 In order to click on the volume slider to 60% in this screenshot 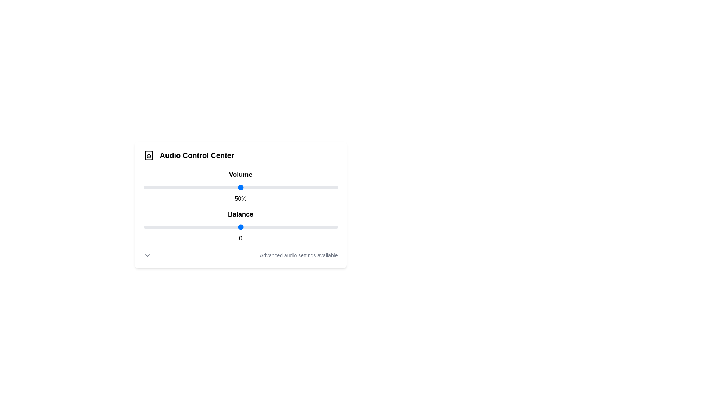, I will do `click(260, 187)`.